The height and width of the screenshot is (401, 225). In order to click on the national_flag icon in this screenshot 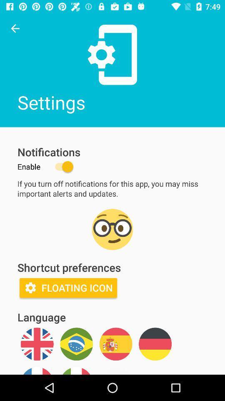, I will do `click(37, 344)`.